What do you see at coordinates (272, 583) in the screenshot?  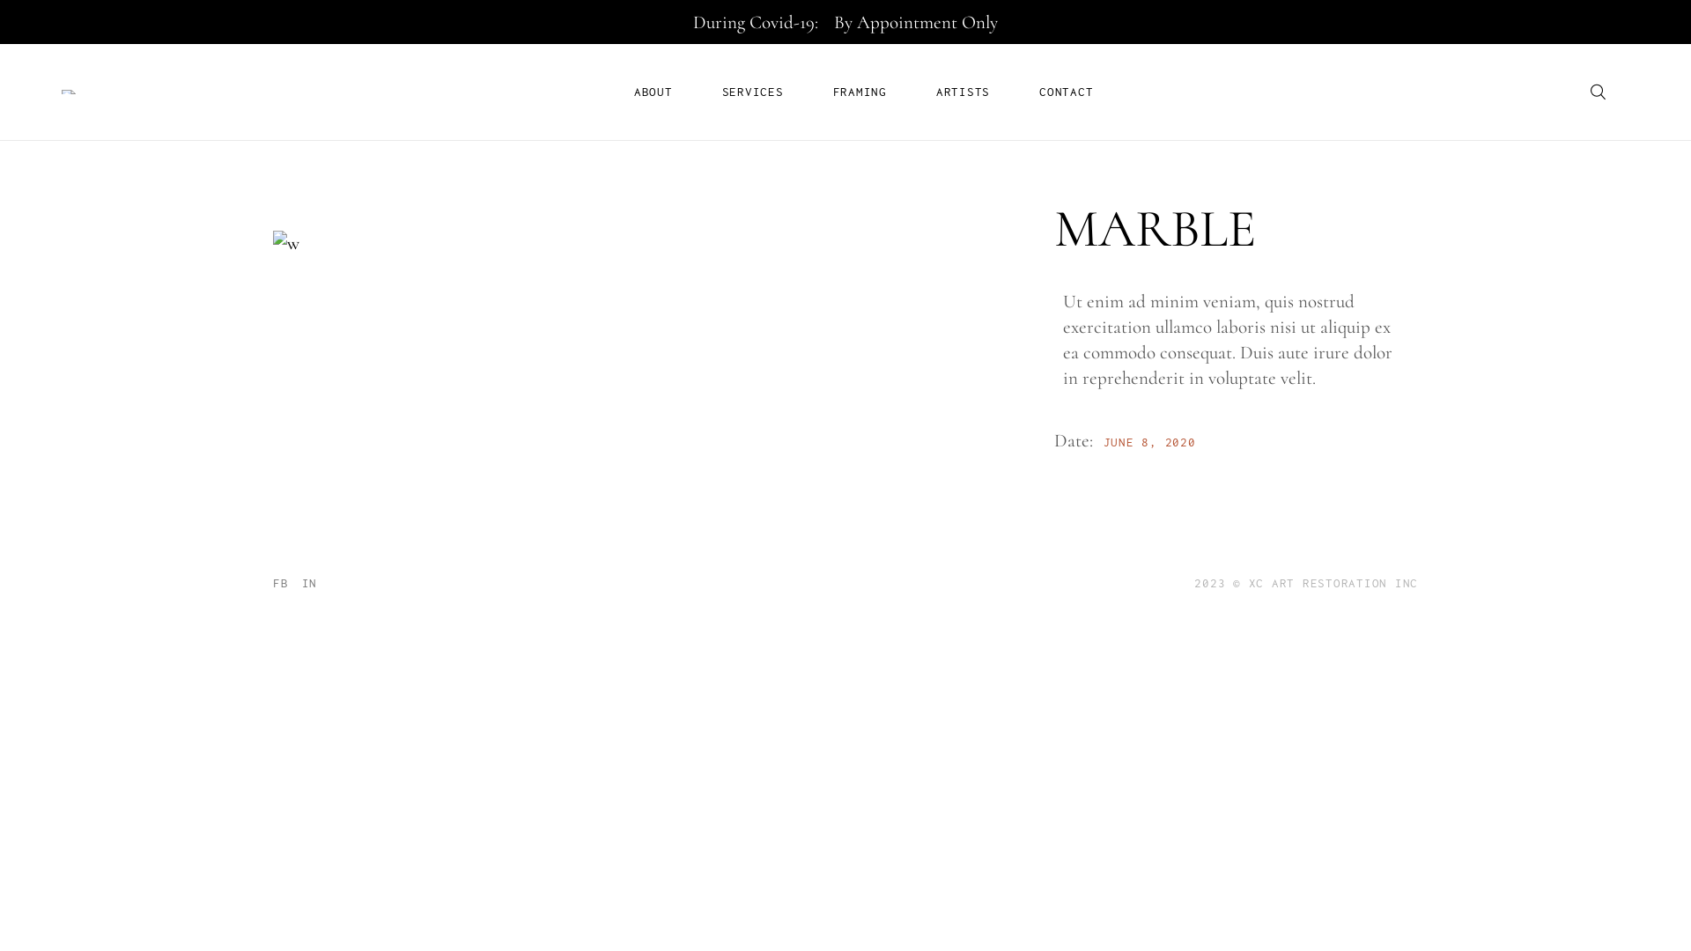 I see `'FB'` at bounding box center [272, 583].